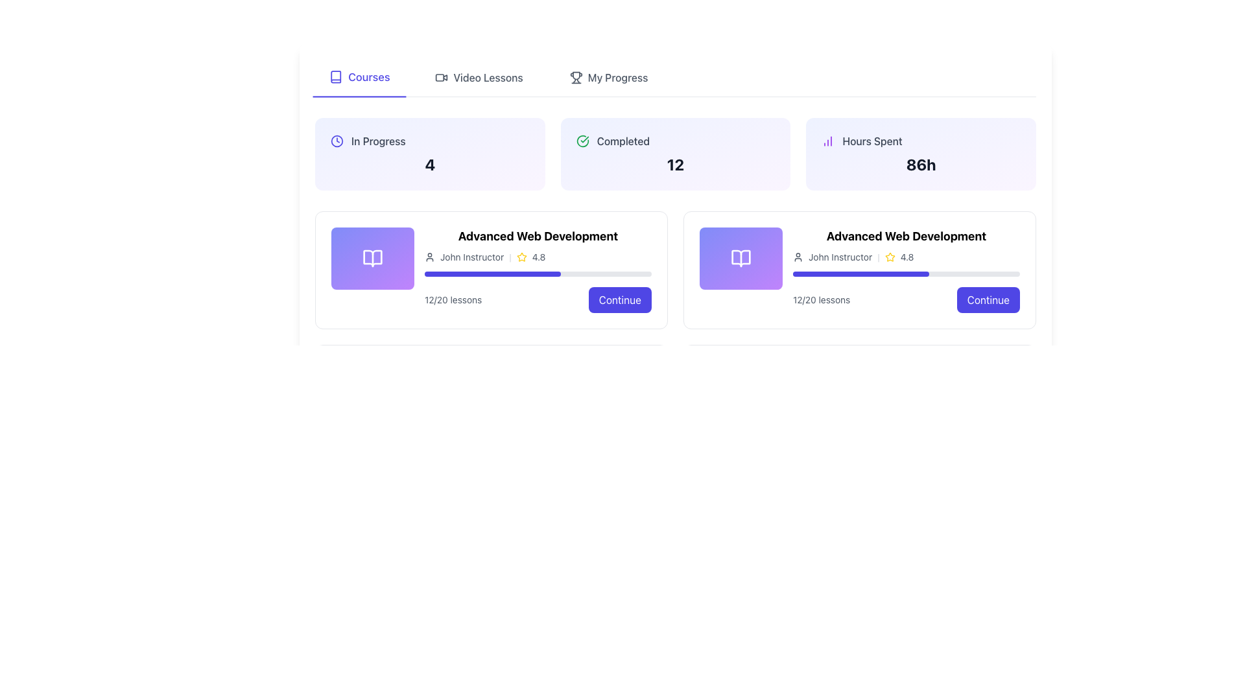  What do you see at coordinates (372, 258) in the screenshot?
I see `the identifying icon for the course 'Advanced Web Development' located on the left side of the dashboard, which is the first icon from the left among similar elements` at bounding box center [372, 258].